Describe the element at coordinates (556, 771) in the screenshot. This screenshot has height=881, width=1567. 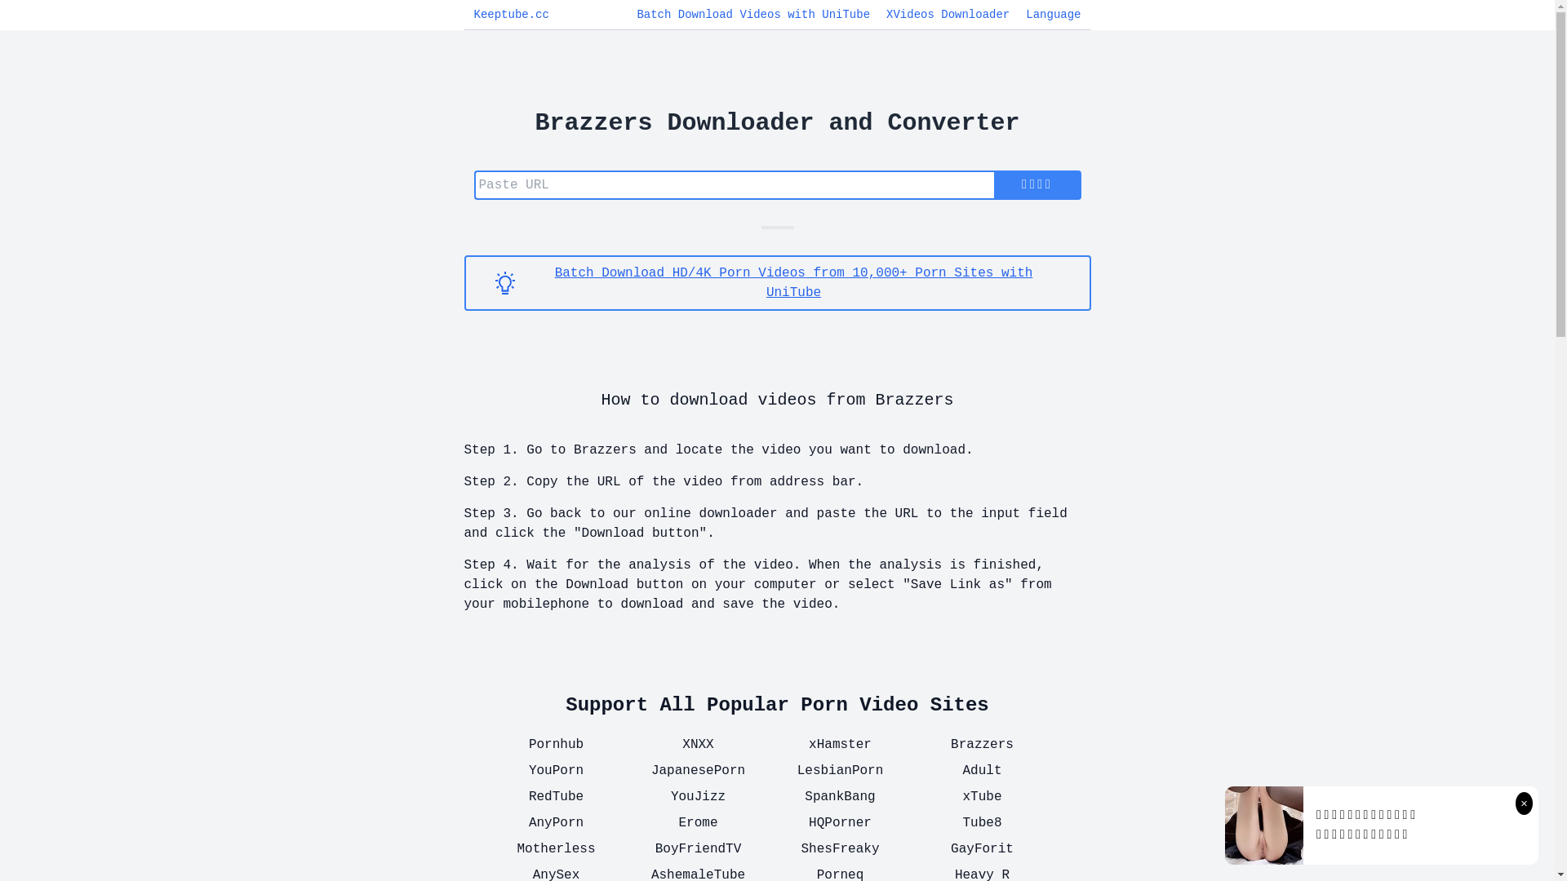
I see `'YouPorn'` at that location.